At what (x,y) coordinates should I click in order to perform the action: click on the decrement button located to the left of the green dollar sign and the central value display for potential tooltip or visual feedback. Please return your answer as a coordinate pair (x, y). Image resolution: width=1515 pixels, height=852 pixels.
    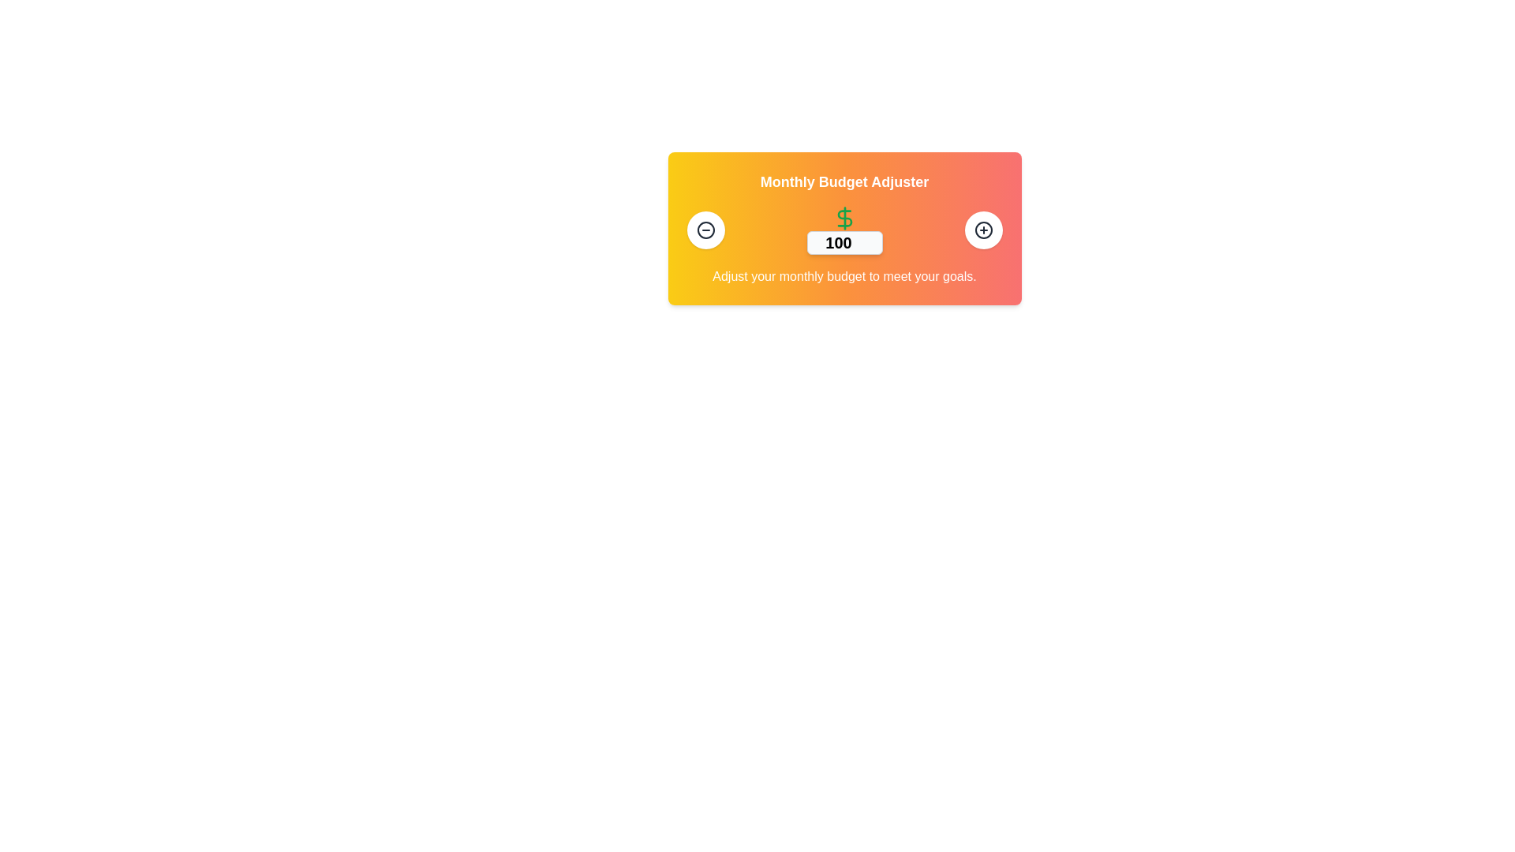
    Looking at the image, I should click on (705, 230).